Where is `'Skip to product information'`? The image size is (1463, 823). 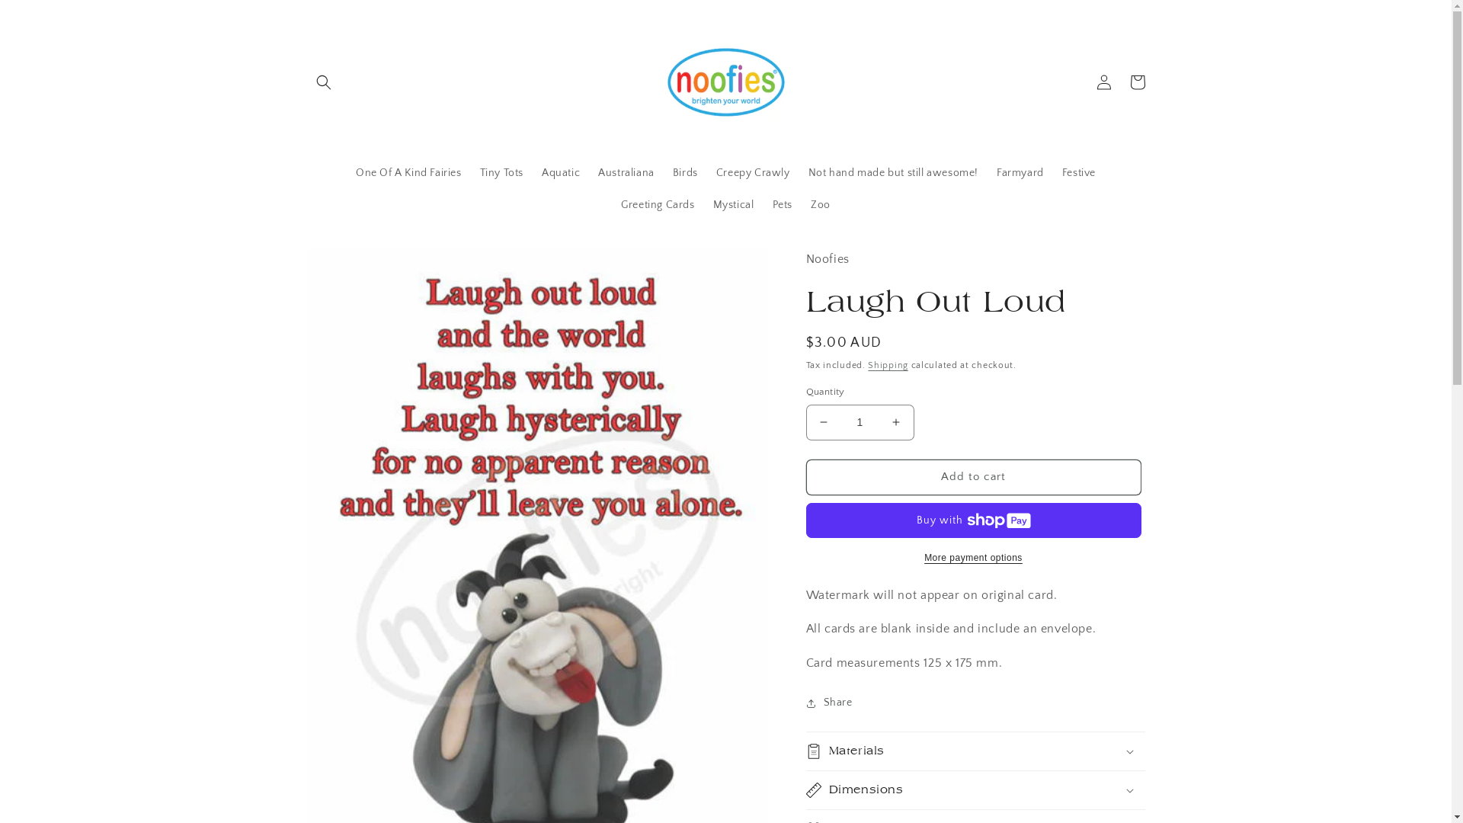 'Skip to product information' is located at coordinates (351, 264).